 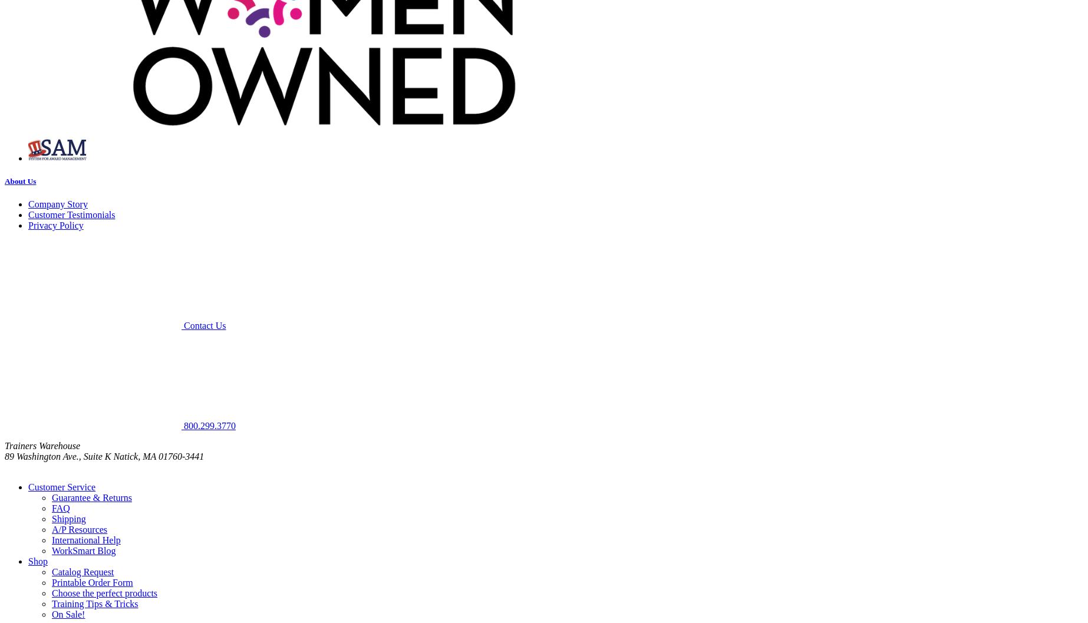 I want to click on 'Guarantee & Returns', so click(x=91, y=497).